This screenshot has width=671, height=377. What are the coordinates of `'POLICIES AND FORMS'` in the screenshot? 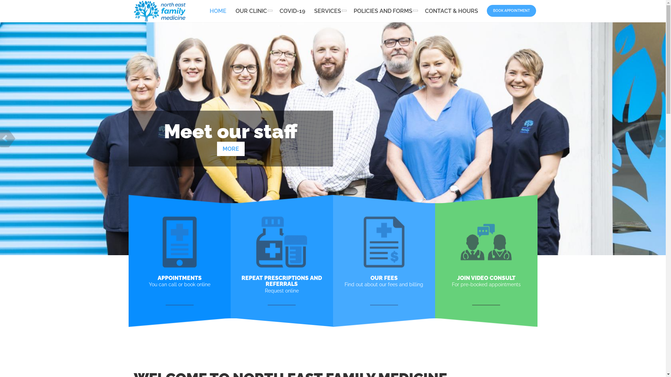 It's located at (384, 11).